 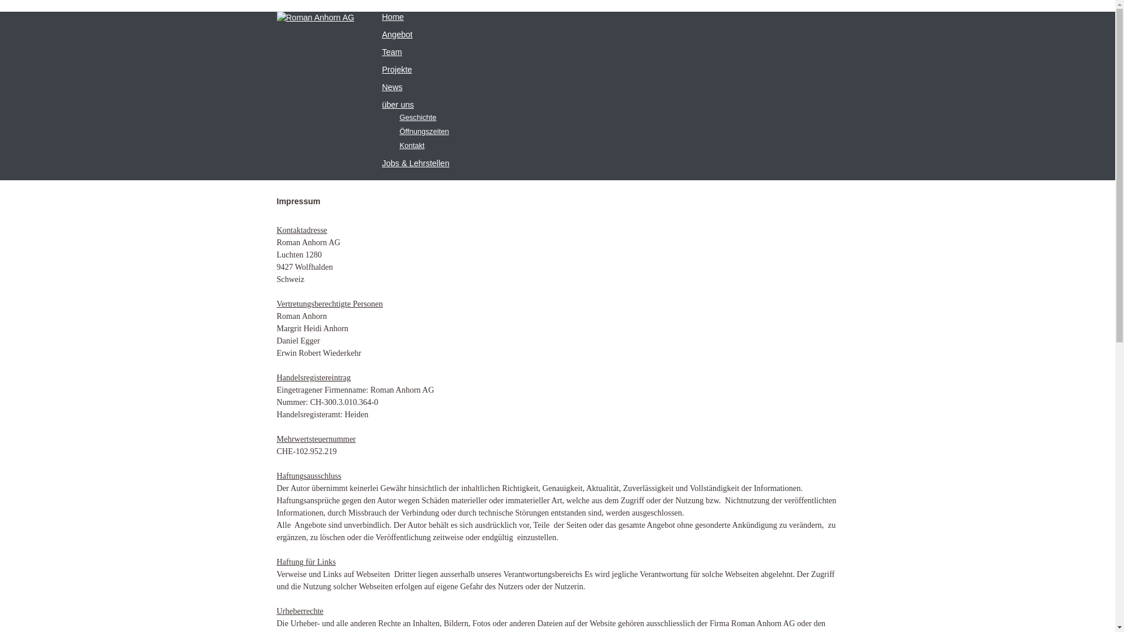 What do you see at coordinates (396, 70) in the screenshot?
I see `'Projekte'` at bounding box center [396, 70].